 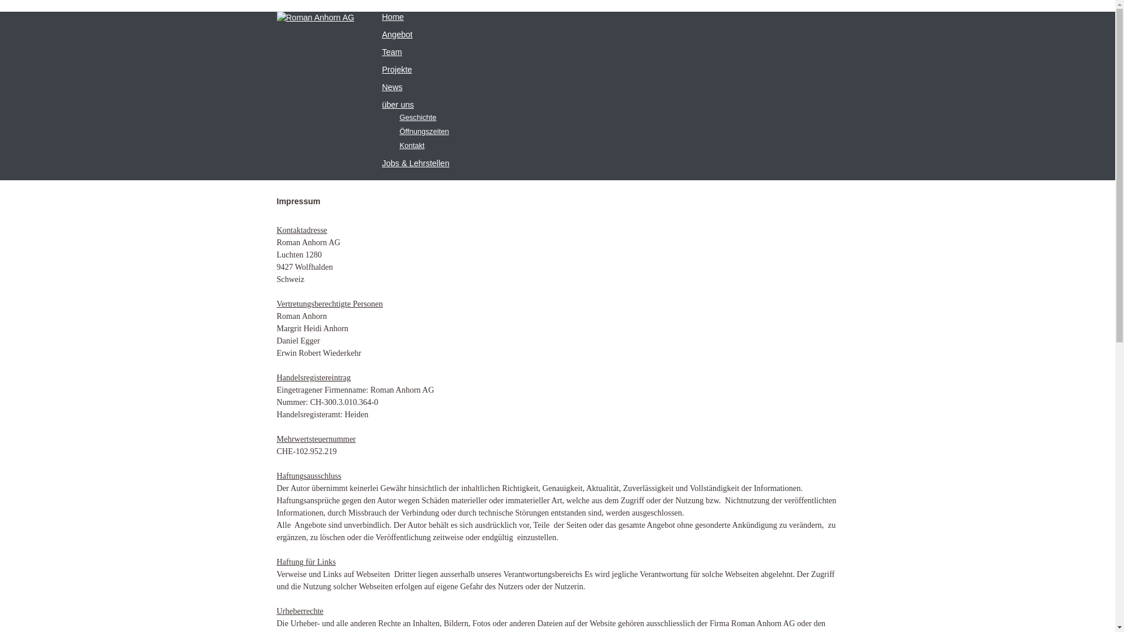 What do you see at coordinates (396, 70) in the screenshot?
I see `'Projekte'` at bounding box center [396, 70].